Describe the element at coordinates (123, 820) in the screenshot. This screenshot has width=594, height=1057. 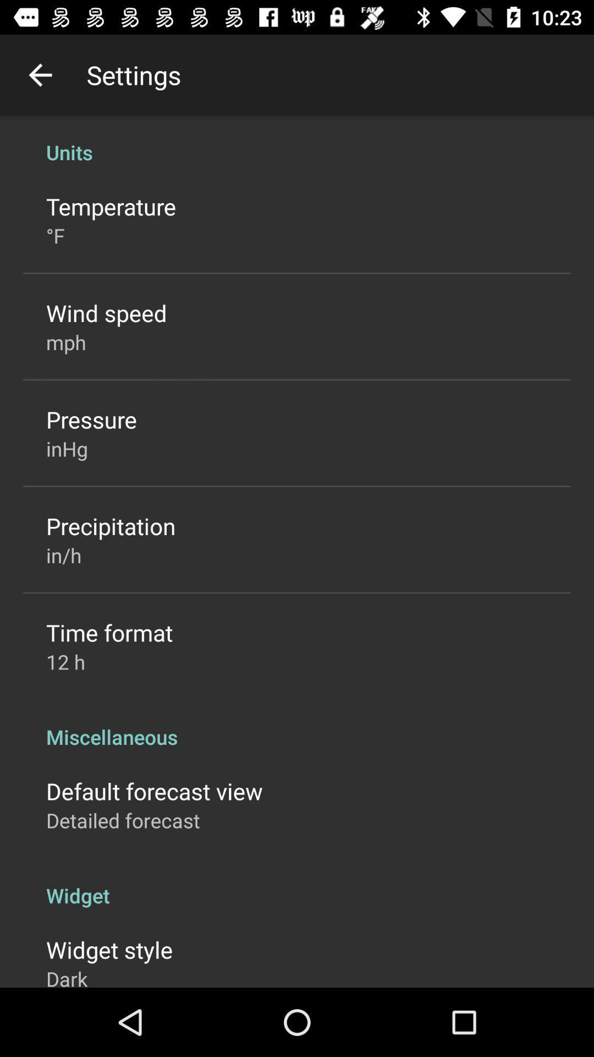
I see `detailed forecast item` at that location.